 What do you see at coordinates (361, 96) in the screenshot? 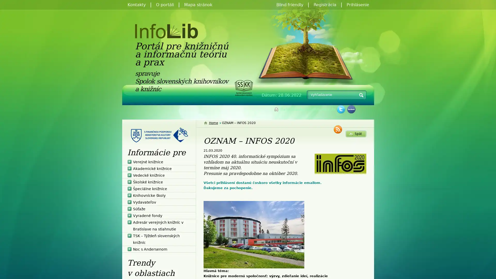
I see `Hladat` at bounding box center [361, 96].